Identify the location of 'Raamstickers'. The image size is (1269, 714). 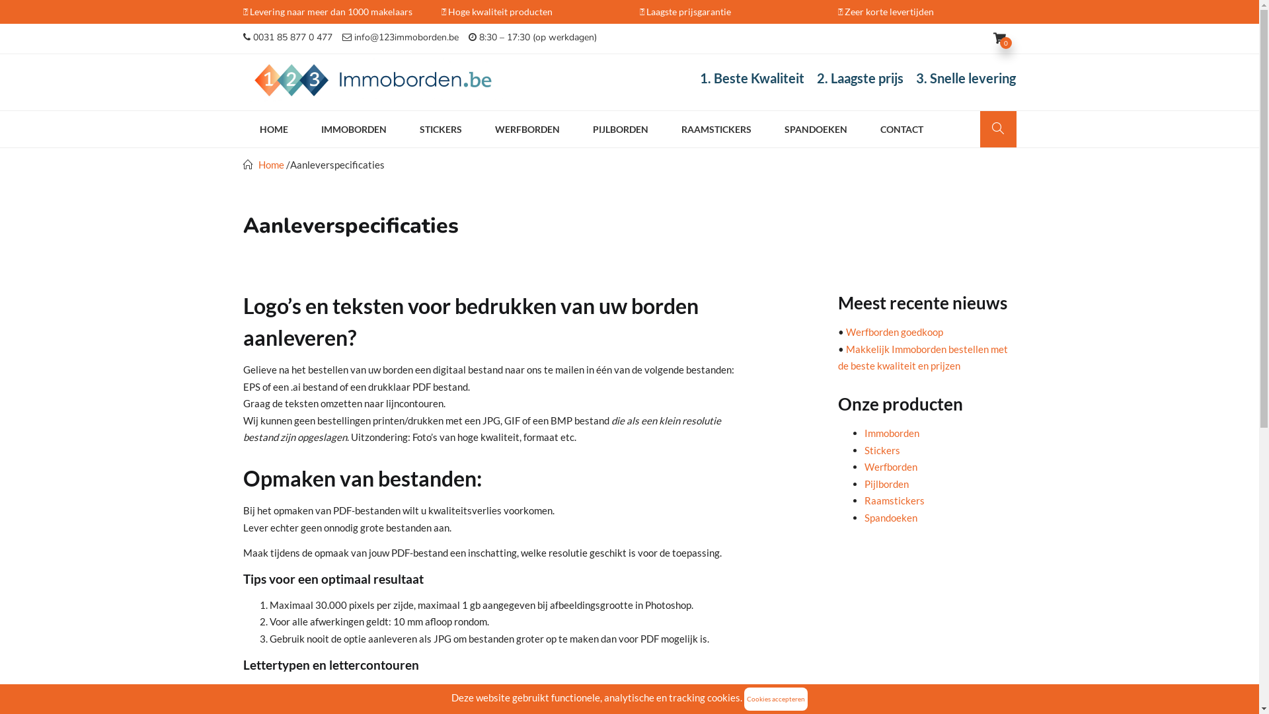
(894, 500).